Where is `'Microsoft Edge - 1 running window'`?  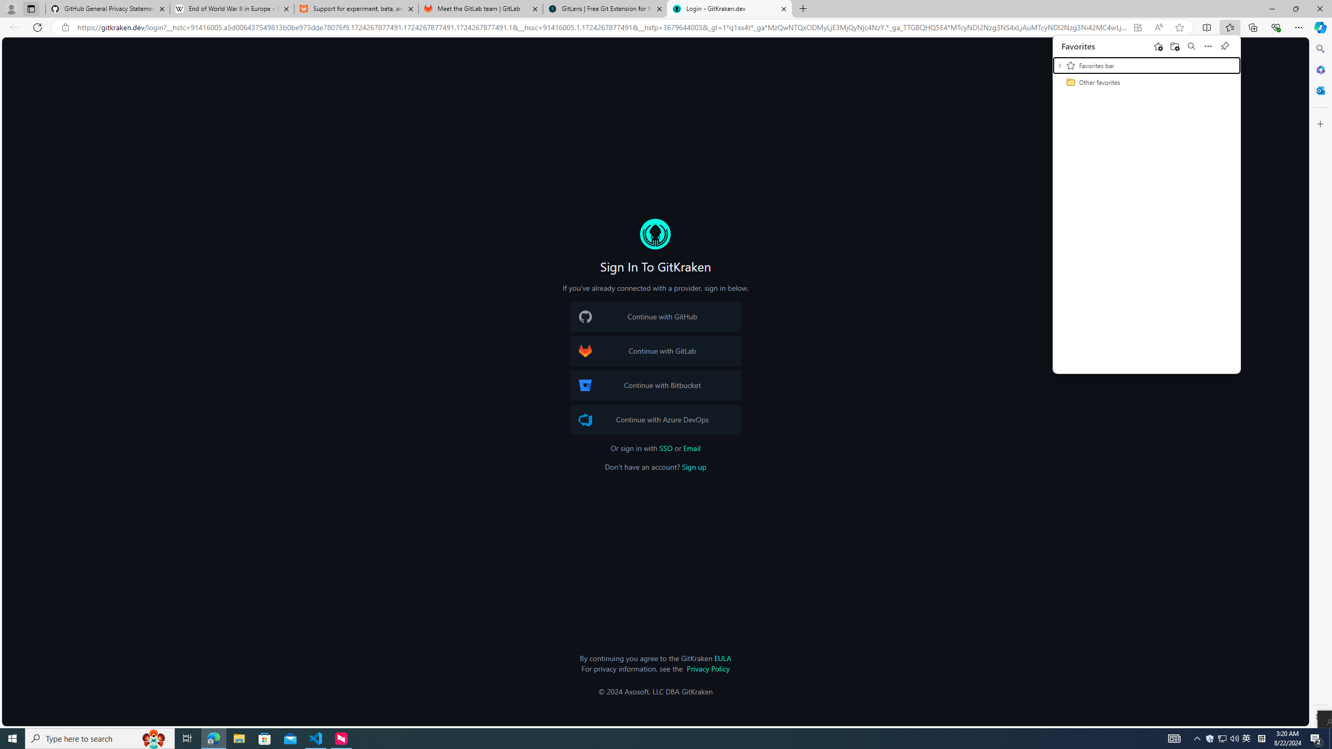 'Microsoft Edge - 1 running window' is located at coordinates (213, 738).